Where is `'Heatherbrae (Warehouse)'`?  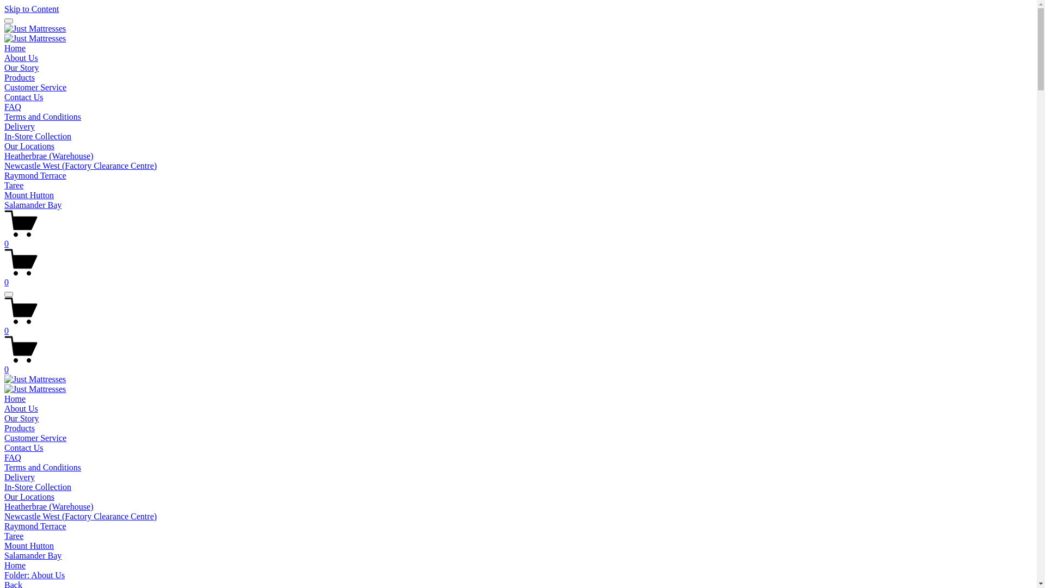
'Heatherbrae (Warehouse)' is located at coordinates (4, 506).